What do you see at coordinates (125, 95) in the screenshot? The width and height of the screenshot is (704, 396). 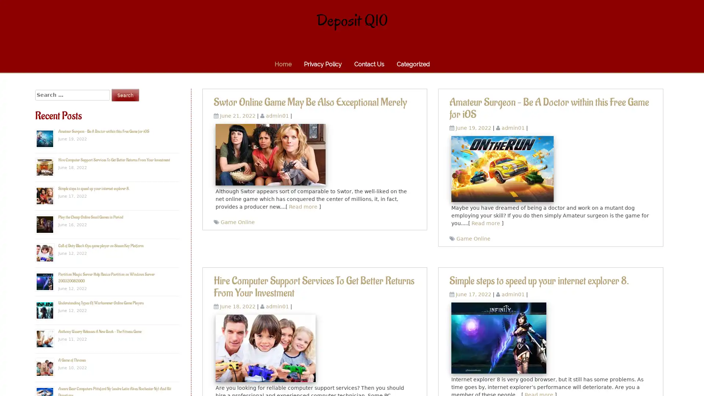 I see `Search` at bounding box center [125, 95].